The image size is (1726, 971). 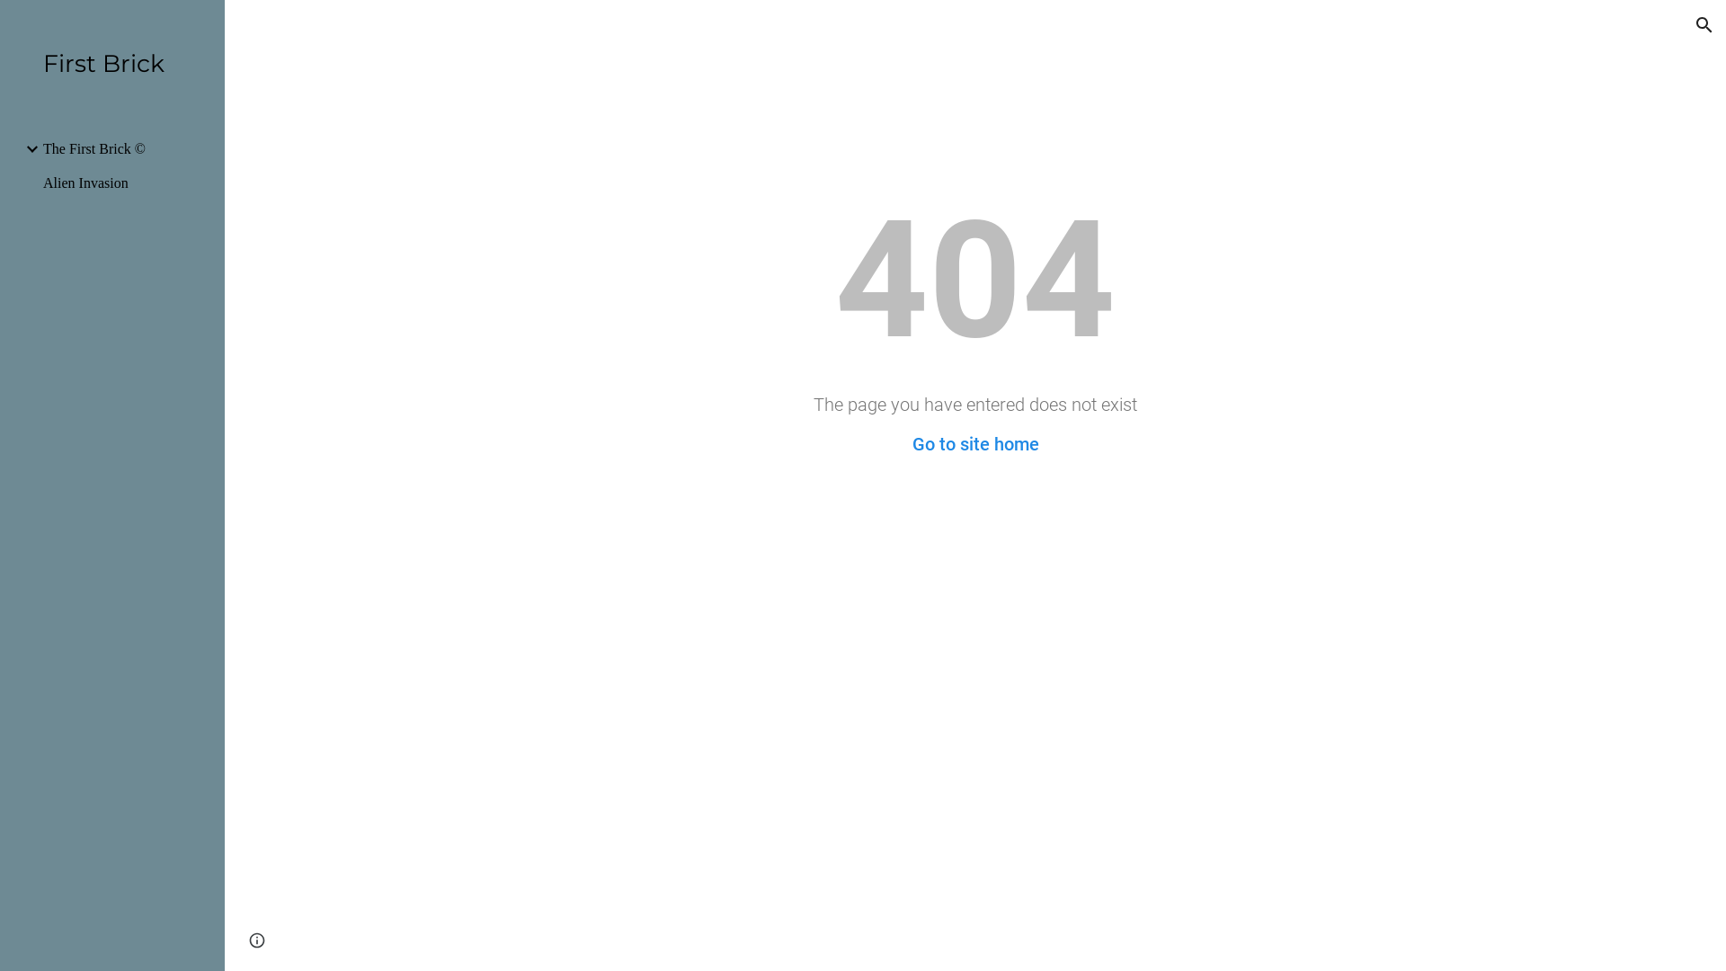 I want to click on 'First Brick', so click(x=119, y=63).